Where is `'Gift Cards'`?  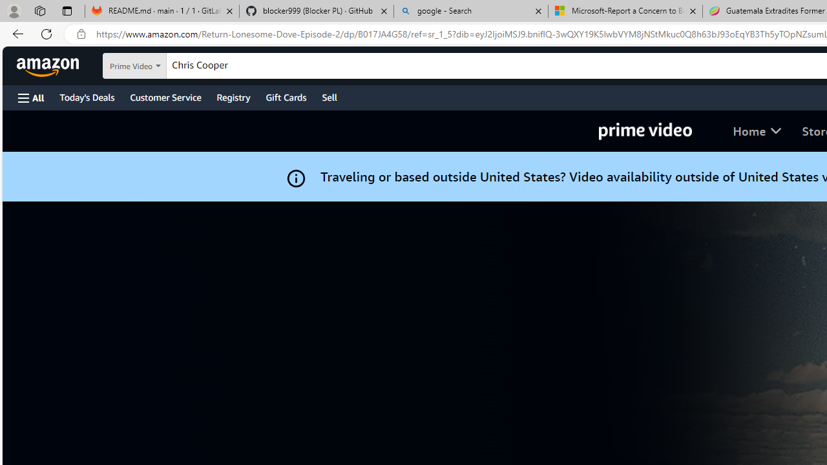
'Gift Cards' is located at coordinates (285, 96).